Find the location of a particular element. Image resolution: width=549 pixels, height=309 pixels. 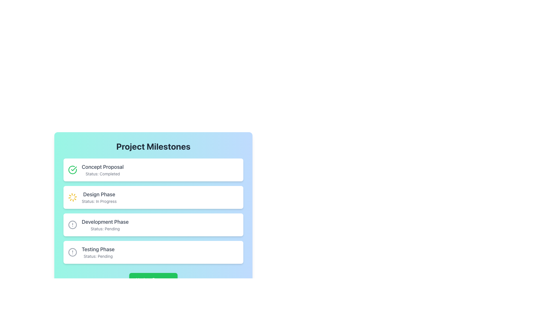

the text label displaying 'Status: In Progress.' located below the 'Design Phase' headline in the 'Project Milestones' list is located at coordinates (99, 201).